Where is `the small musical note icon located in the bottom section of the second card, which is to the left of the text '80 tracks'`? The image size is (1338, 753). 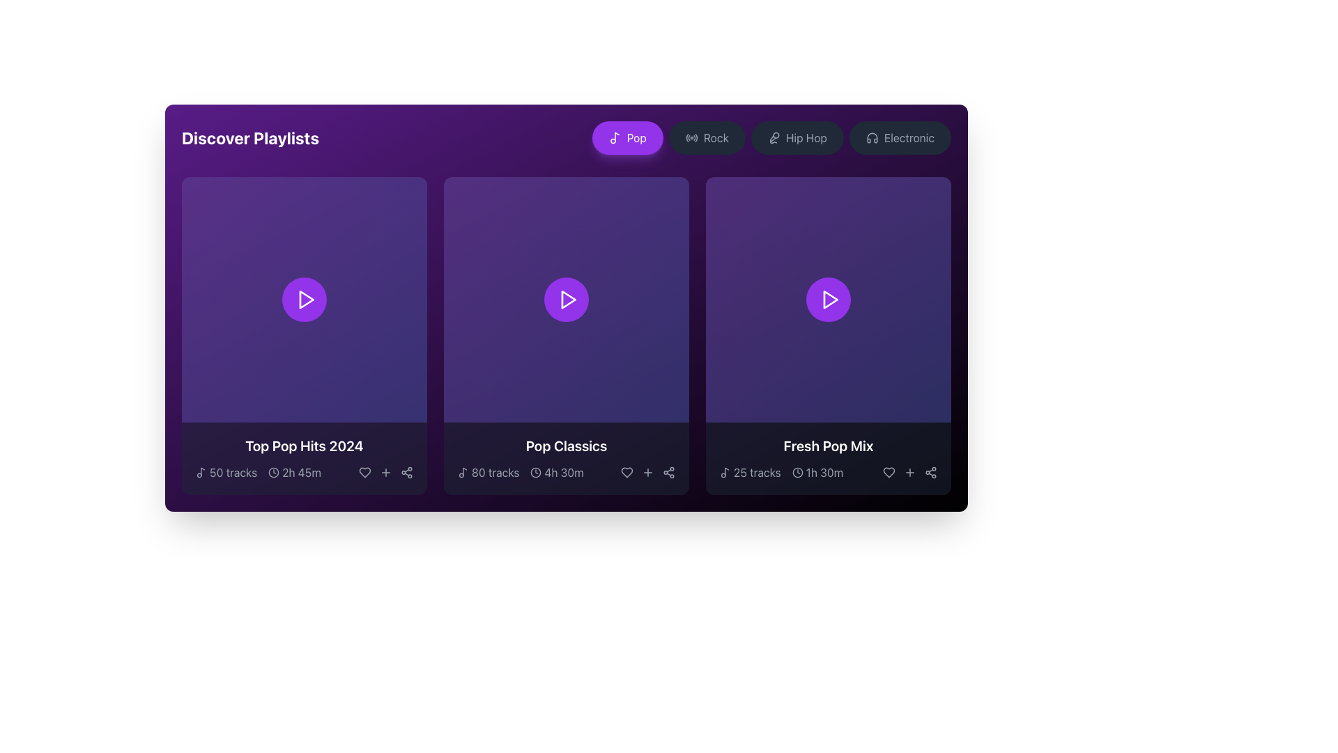
the small musical note icon located in the bottom section of the second card, which is to the left of the text '80 tracks' is located at coordinates (463, 472).